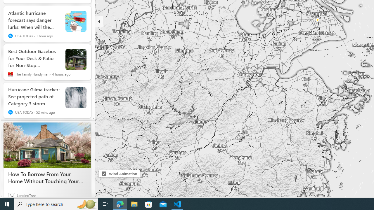  What do you see at coordinates (10, 112) in the screenshot?
I see `'USA TODAY'` at bounding box center [10, 112].